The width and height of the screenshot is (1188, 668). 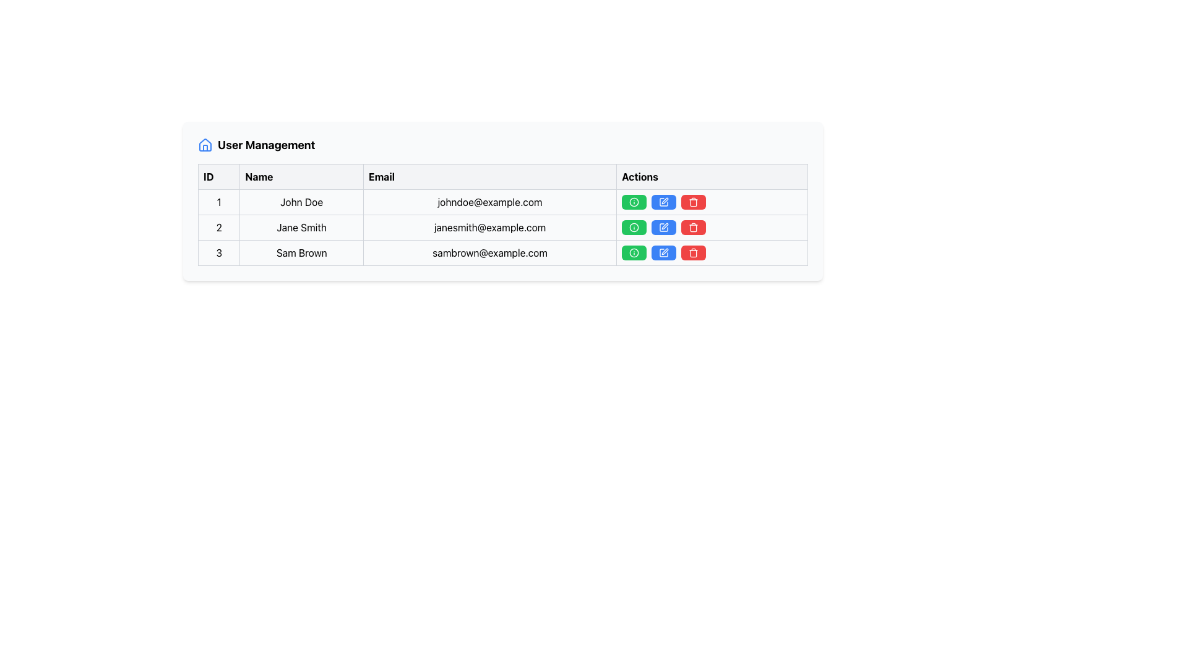 What do you see at coordinates (502, 227) in the screenshot?
I see `the second row of the user management table displaying information for 'Jane Smith'` at bounding box center [502, 227].